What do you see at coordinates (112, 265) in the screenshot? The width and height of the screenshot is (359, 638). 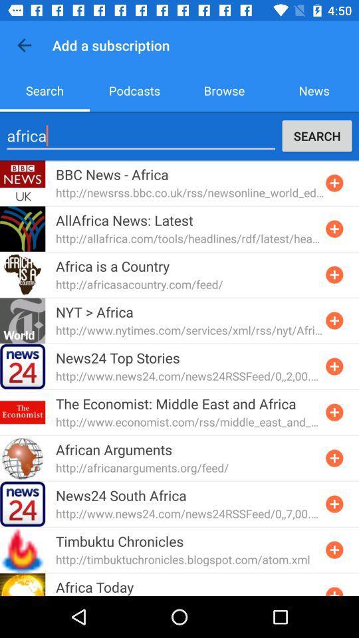 I see `africa is a icon` at bounding box center [112, 265].